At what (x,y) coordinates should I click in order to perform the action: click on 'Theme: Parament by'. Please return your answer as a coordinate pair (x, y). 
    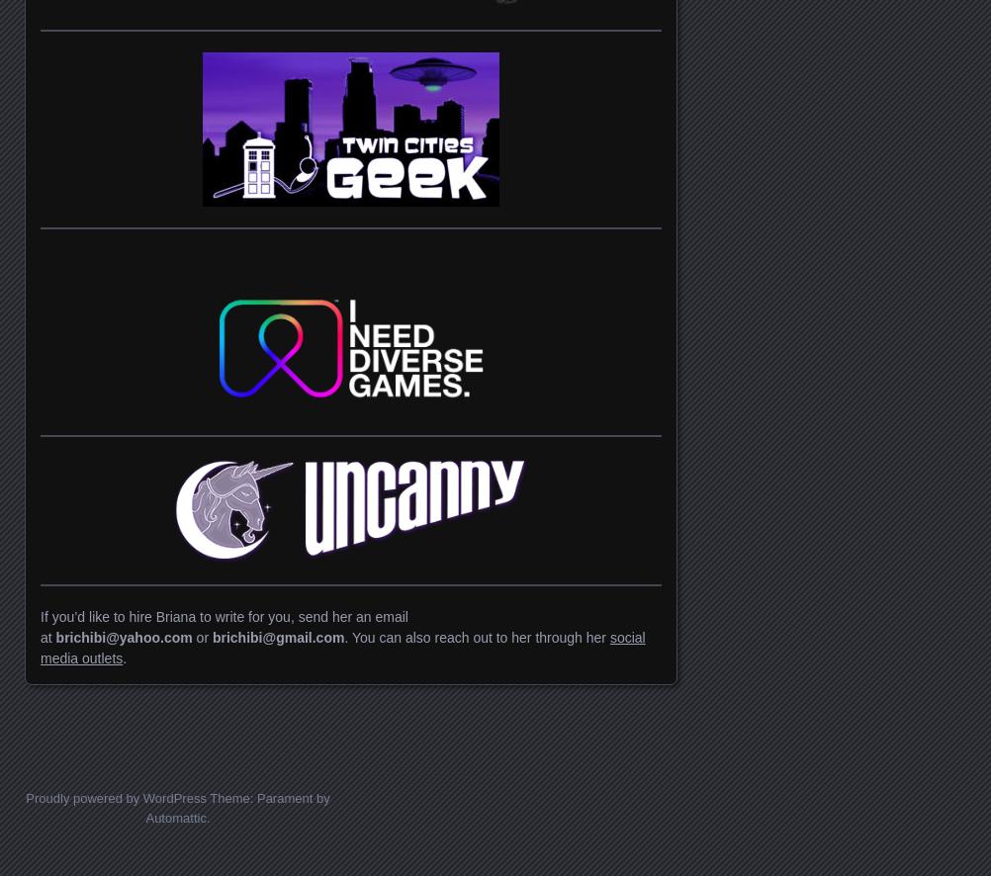
    Looking at the image, I should click on (266, 798).